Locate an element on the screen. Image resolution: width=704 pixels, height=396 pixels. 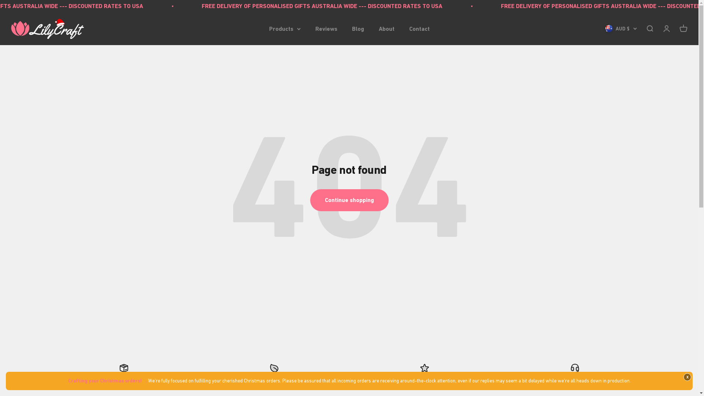
'X' is located at coordinates (687, 377).